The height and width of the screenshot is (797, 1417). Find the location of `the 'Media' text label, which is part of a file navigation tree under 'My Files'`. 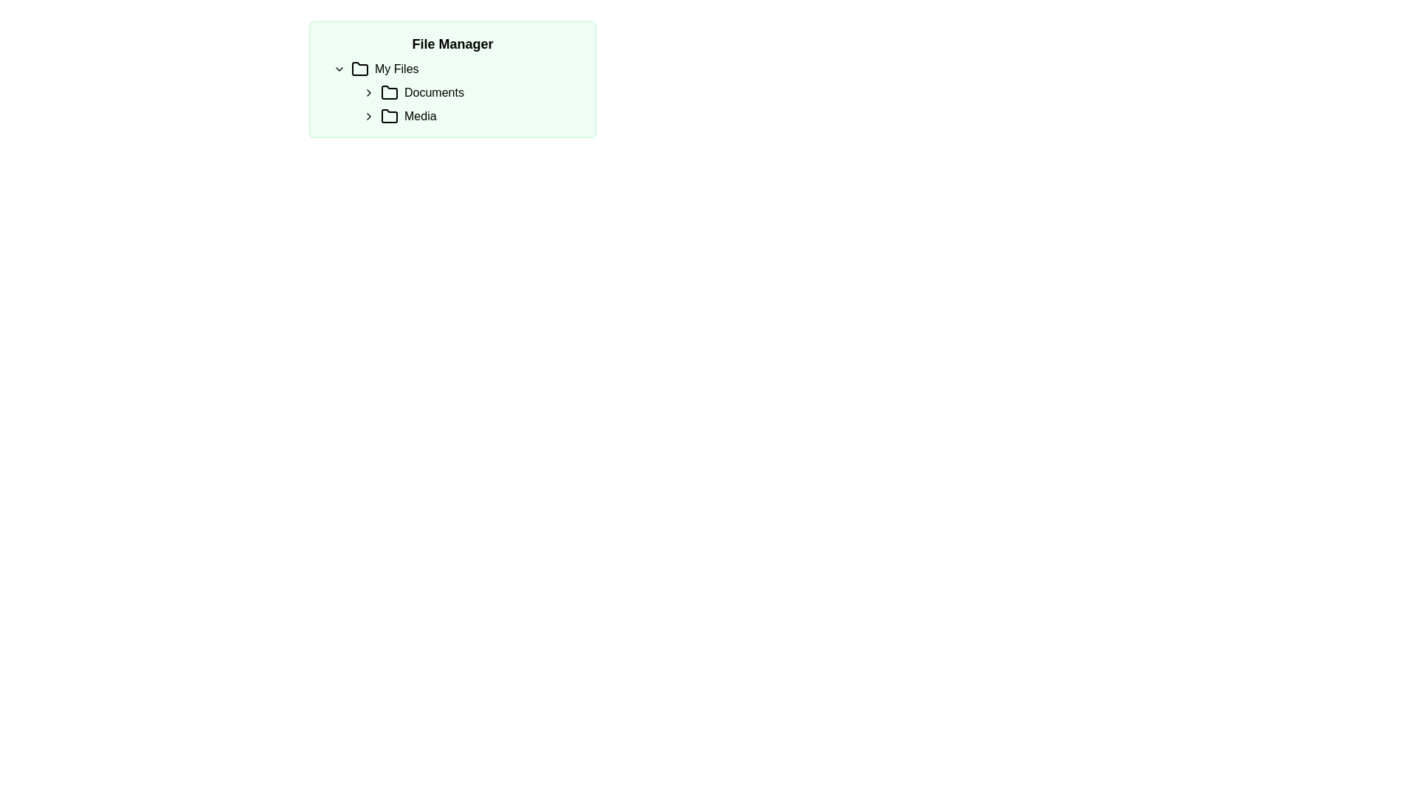

the 'Media' text label, which is part of a file navigation tree under 'My Files' is located at coordinates (419, 116).